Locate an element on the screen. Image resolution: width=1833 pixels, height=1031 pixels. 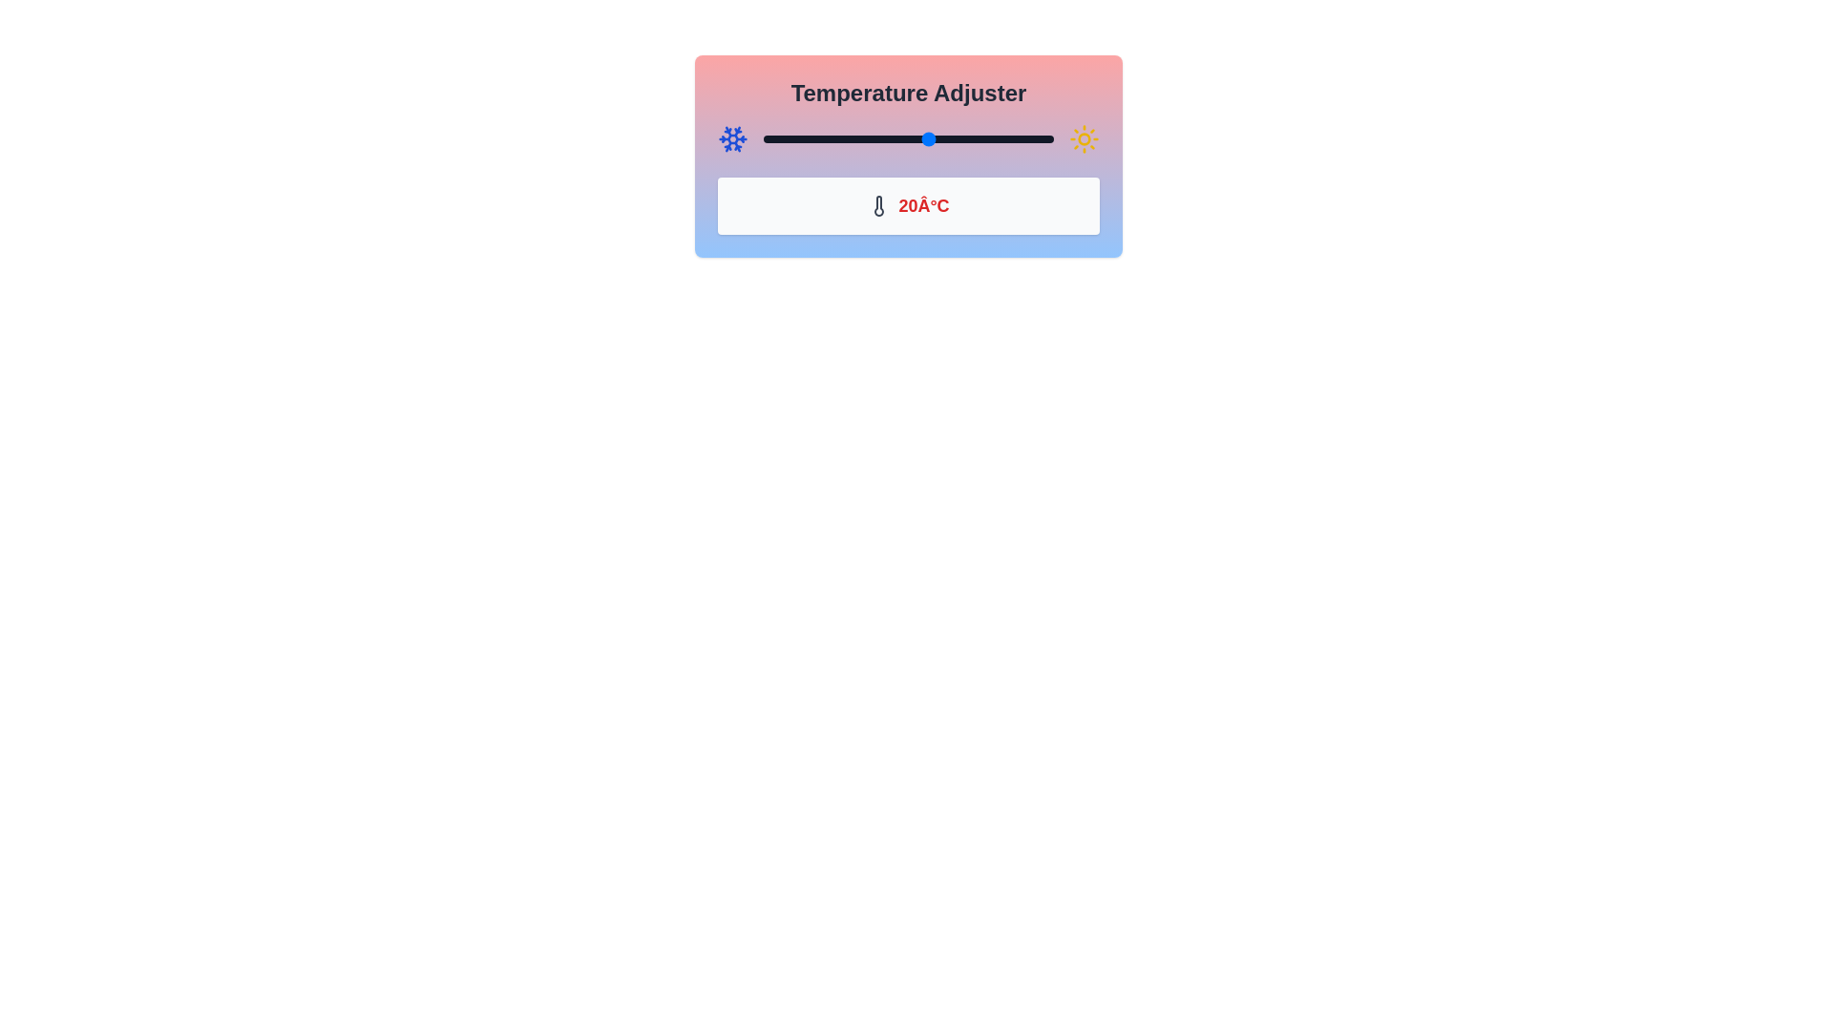
the temperature to 42°C using the slider is located at coordinates (1020, 138).